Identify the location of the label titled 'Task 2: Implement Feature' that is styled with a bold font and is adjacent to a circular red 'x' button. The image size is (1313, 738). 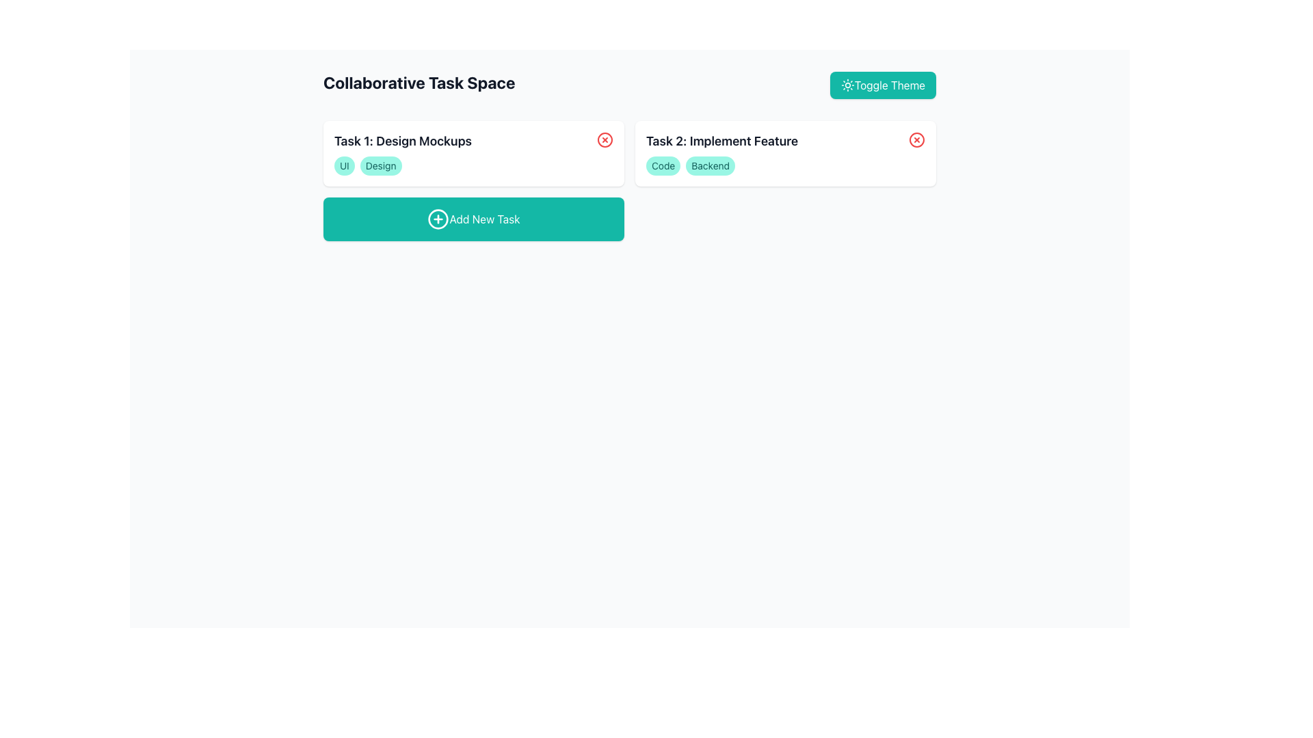
(785, 141).